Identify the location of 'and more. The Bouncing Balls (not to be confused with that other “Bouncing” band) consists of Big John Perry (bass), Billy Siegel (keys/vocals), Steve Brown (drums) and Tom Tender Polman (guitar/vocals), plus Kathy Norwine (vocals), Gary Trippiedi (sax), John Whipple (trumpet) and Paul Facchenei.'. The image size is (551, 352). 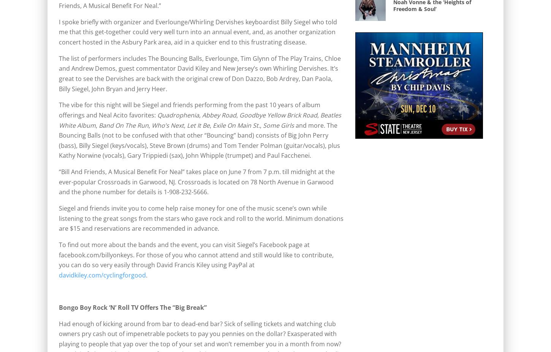
(59, 140).